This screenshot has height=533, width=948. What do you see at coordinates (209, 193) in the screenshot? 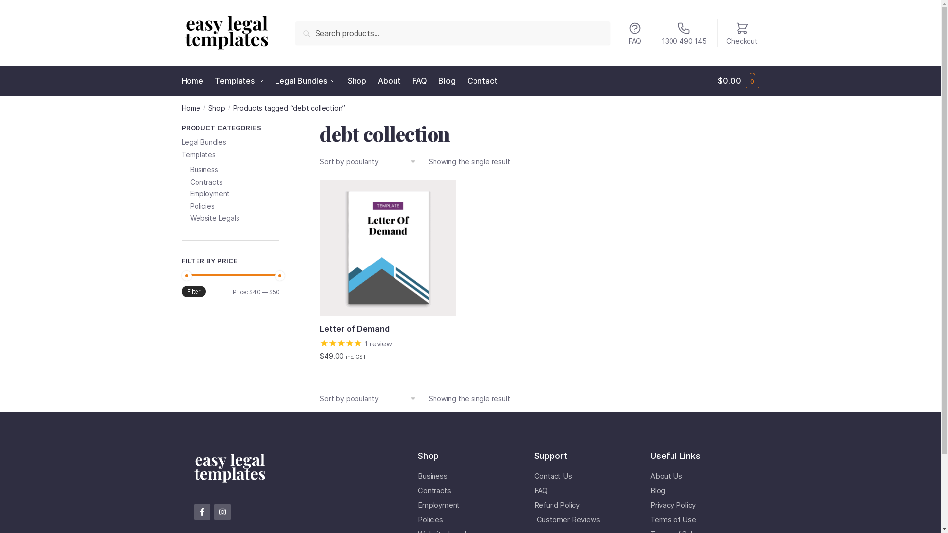
I see `'Employment'` at bounding box center [209, 193].